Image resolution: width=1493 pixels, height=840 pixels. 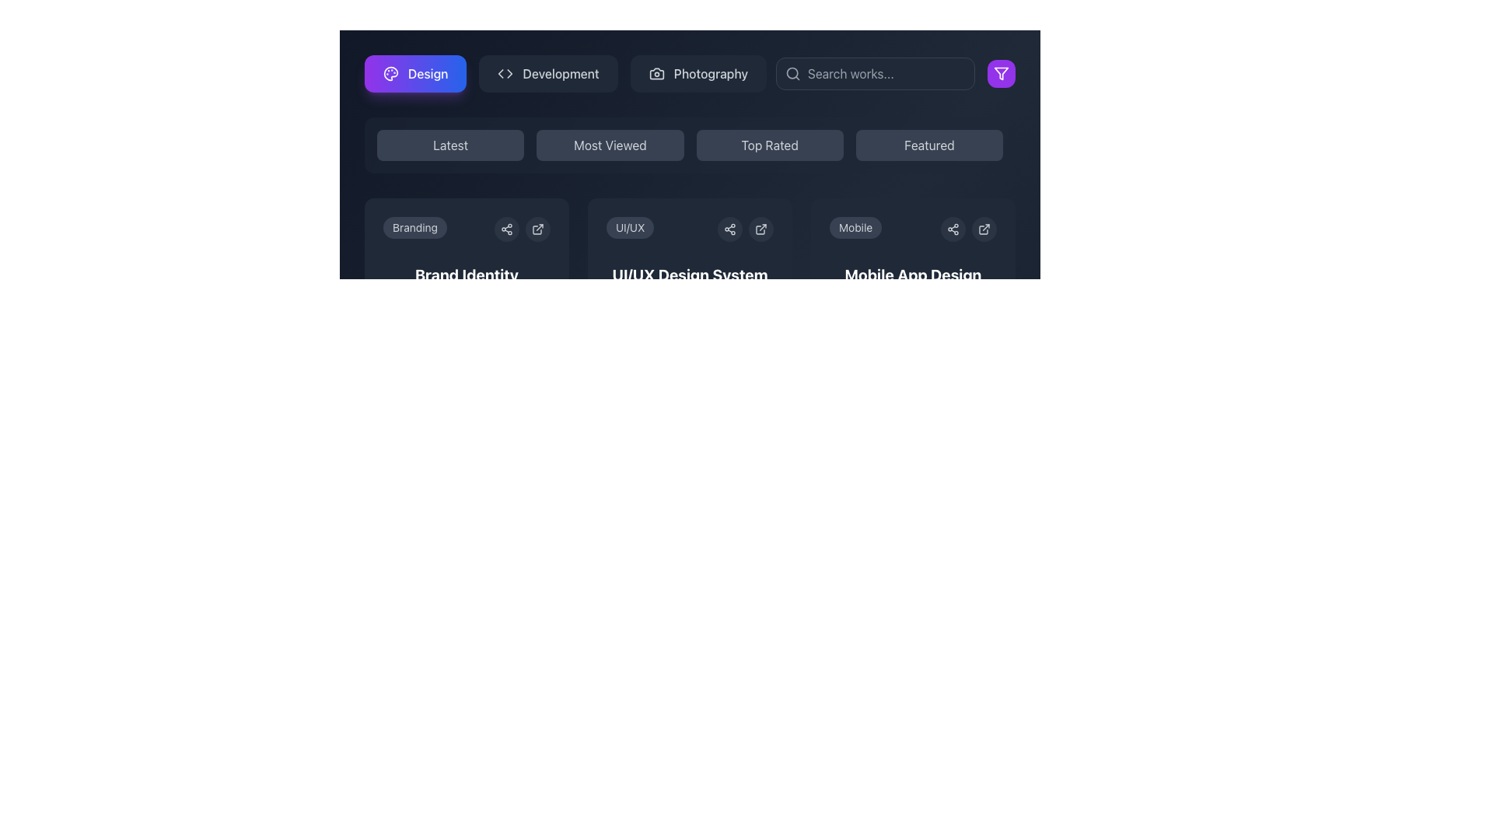 What do you see at coordinates (745, 229) in the screenshot?
I see `the external link button located in the 'UI/UX' section, which is the second grouping of action buttons below the section title` at bounding box center [745, 229].